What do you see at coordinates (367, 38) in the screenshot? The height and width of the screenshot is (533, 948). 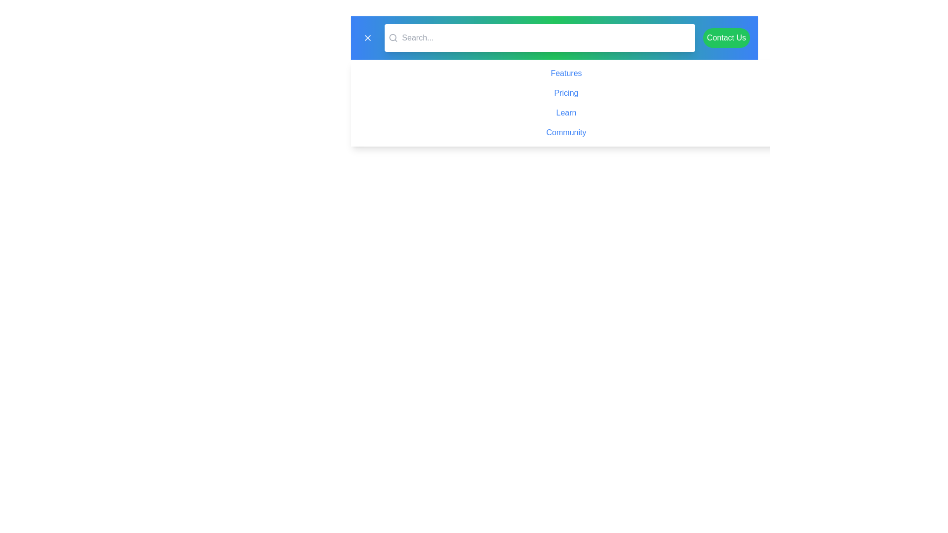 I see `the close or cancel button located at the top-left corner of the blue bar, to the left of the search bar, to observe its effect` at bounding box center [367, 38].